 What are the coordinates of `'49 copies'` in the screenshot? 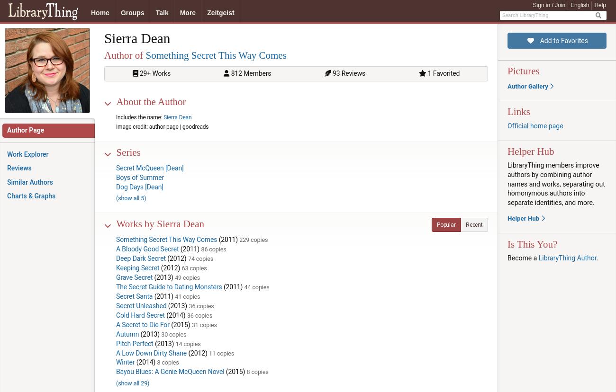 It's located at (174, 277).